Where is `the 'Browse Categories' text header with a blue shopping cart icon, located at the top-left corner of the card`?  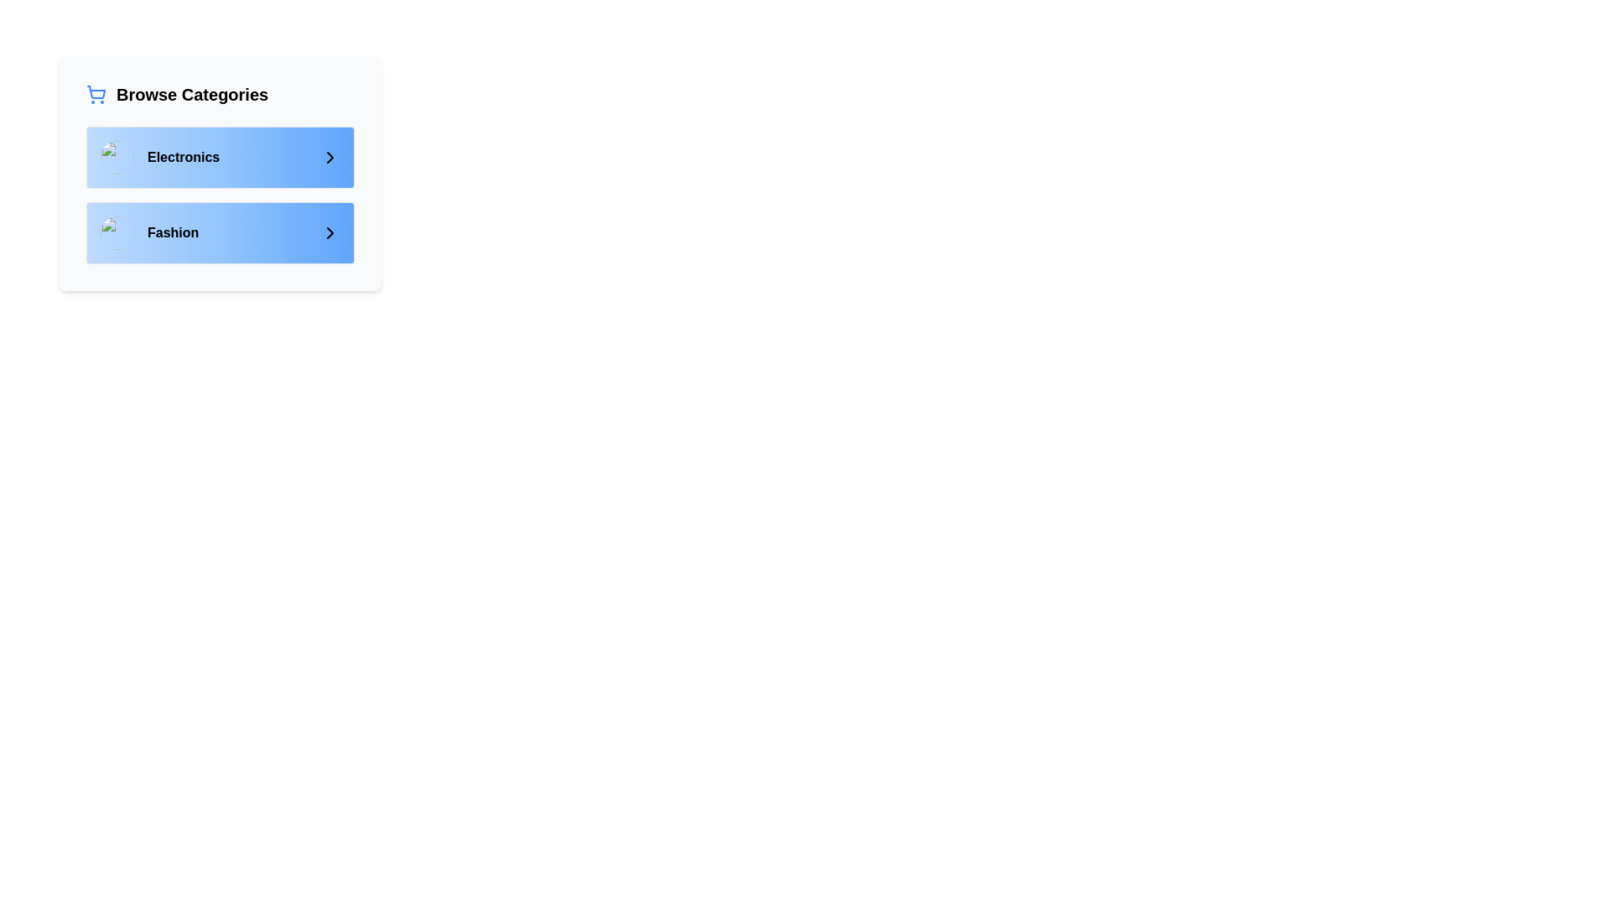 the 'Browse Categories' text header with a blue shopping cart icon, located at the top-left corner of the card is located at coordinates (220, 94).